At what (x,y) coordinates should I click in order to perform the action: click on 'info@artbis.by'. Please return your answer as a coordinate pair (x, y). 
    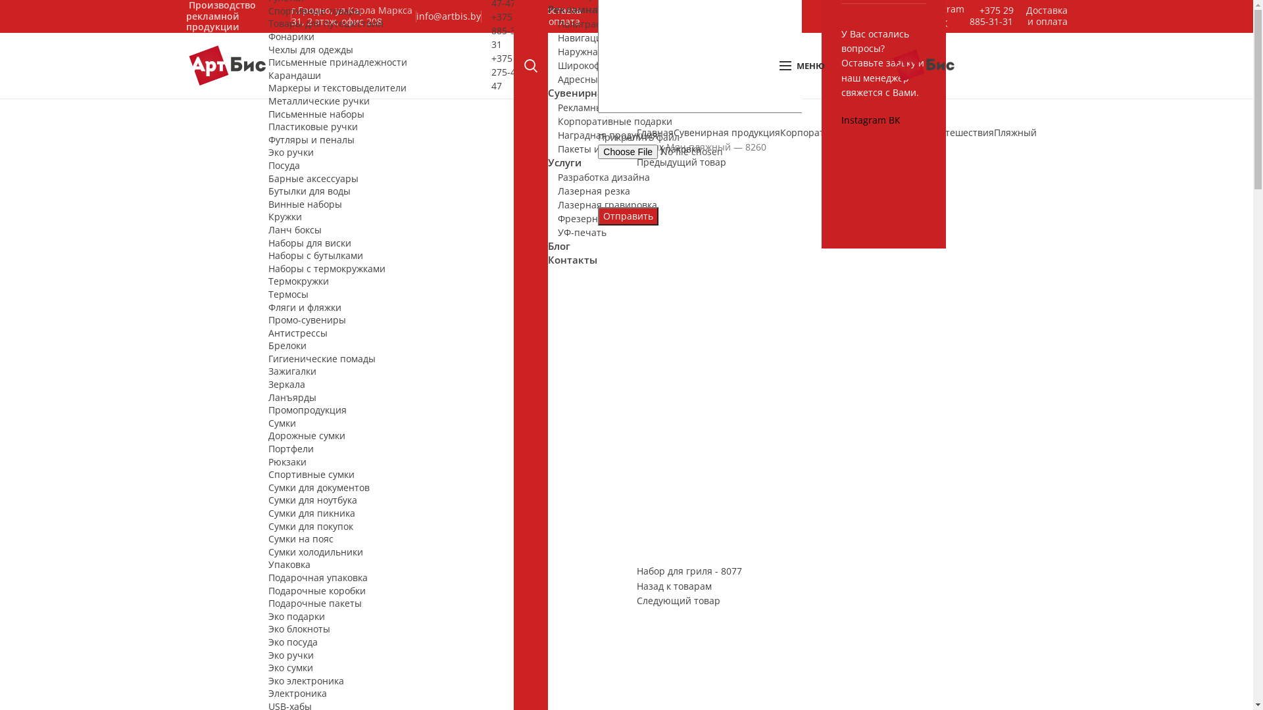
    Looking at the image, I should click on (448, 16).